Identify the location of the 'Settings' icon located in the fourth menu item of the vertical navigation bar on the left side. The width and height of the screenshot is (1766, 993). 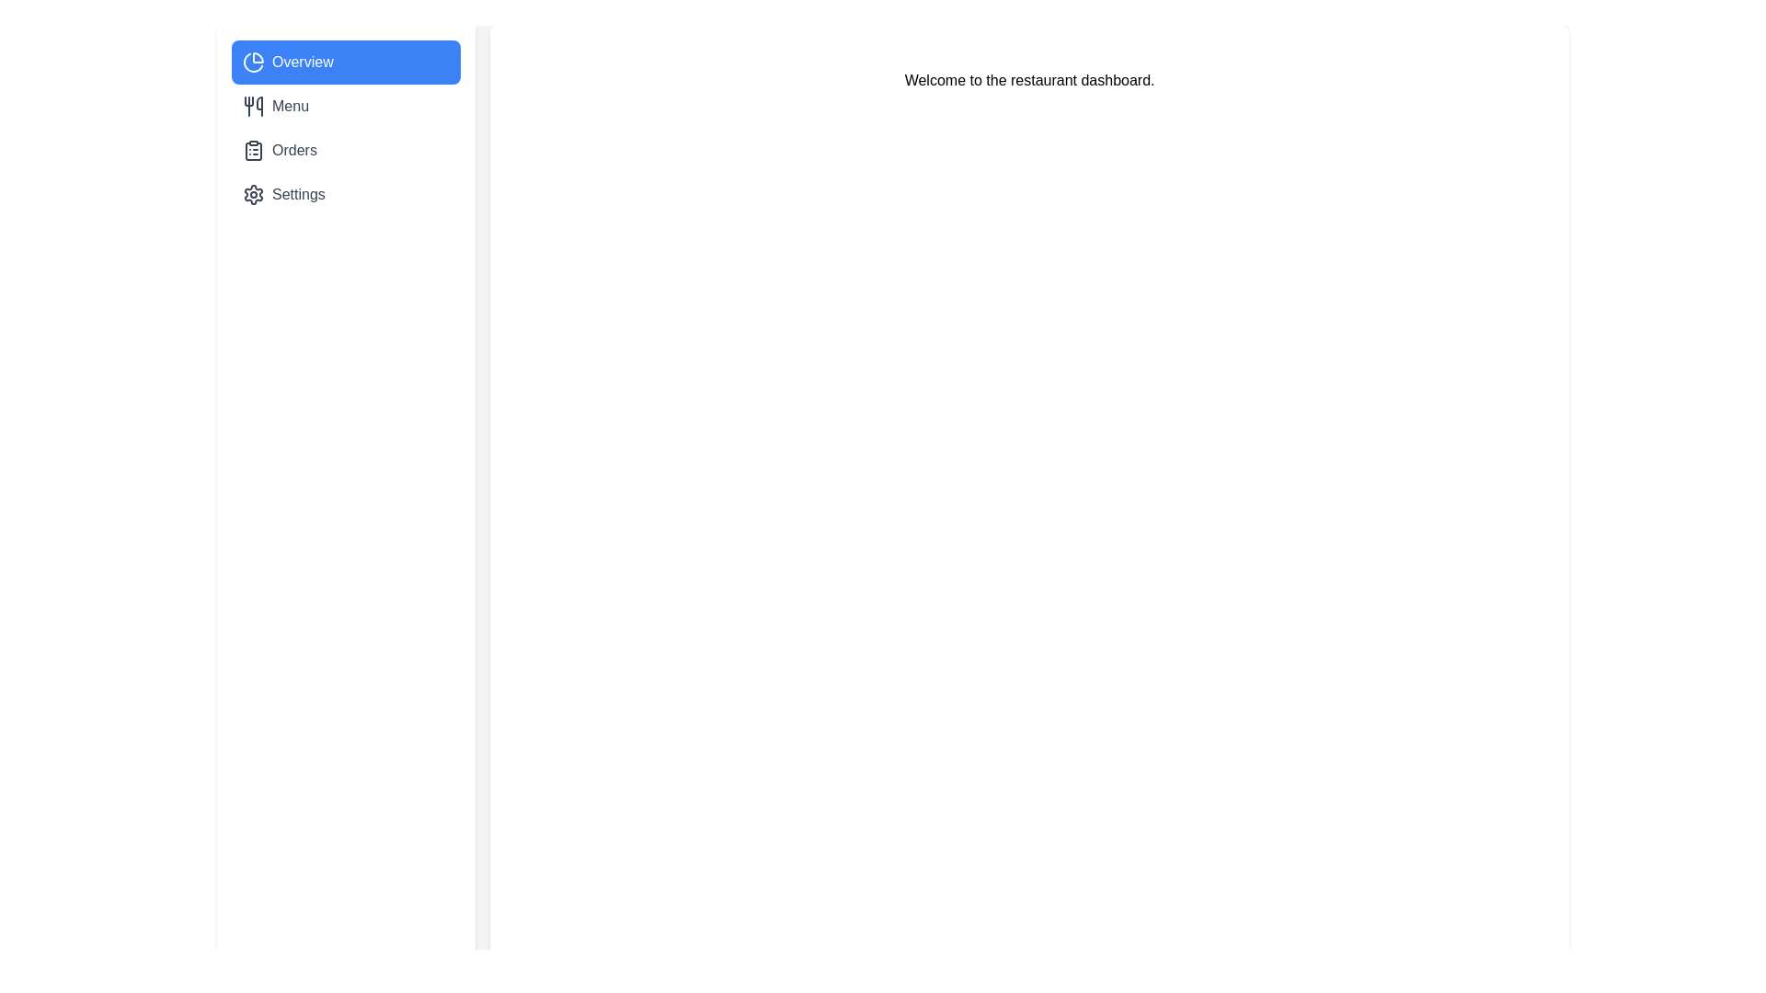
(252, 195).